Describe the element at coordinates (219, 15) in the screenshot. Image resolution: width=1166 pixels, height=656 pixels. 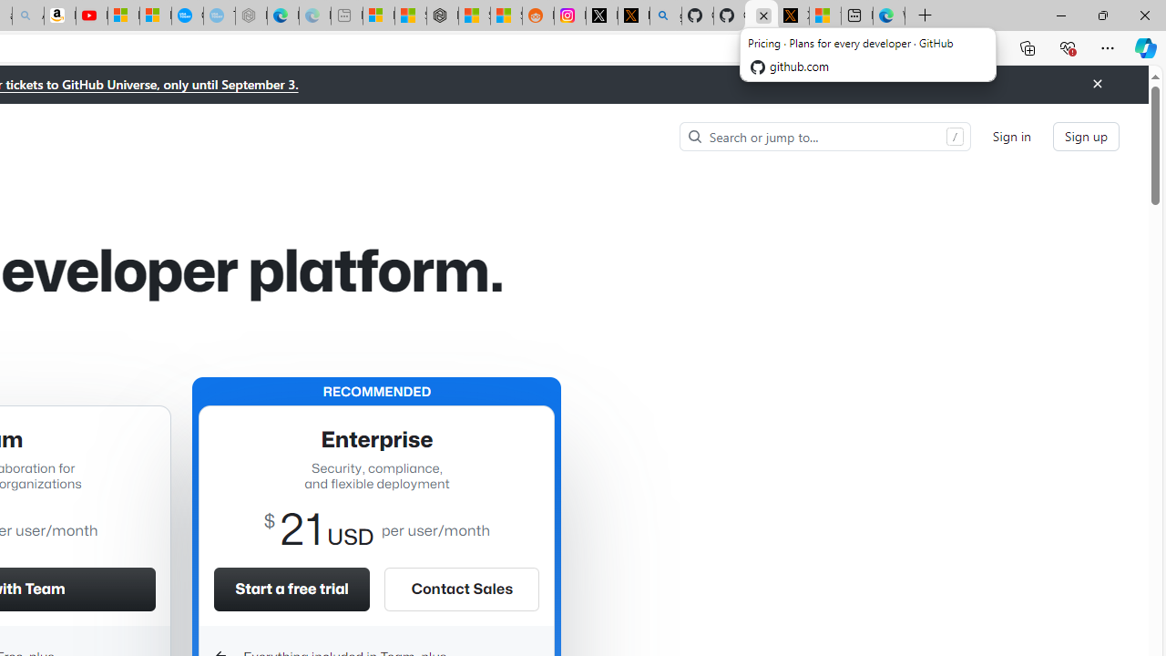
I see `'The most popular Google '` at that location.